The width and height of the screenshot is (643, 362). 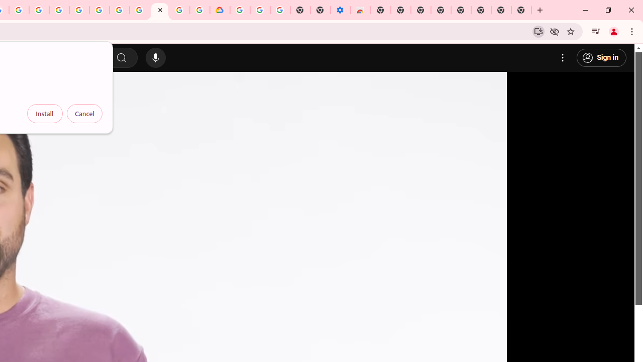 I want to click on 'Google Account Help', so click(x=120, y=10).